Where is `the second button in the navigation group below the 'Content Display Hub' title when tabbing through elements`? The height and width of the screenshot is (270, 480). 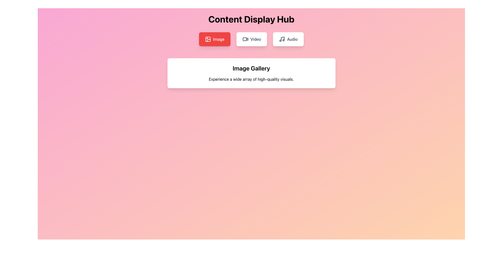
the second button in the navigation group below the 'Content Display Hub' title when tabbing through elements is located at coordinates (251, 39).